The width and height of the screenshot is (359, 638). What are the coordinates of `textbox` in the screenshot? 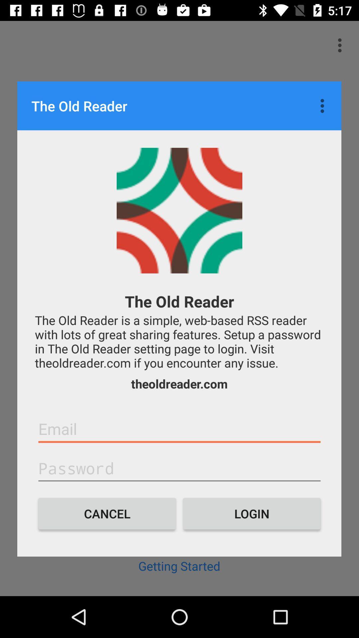 It's located at (179, 468).